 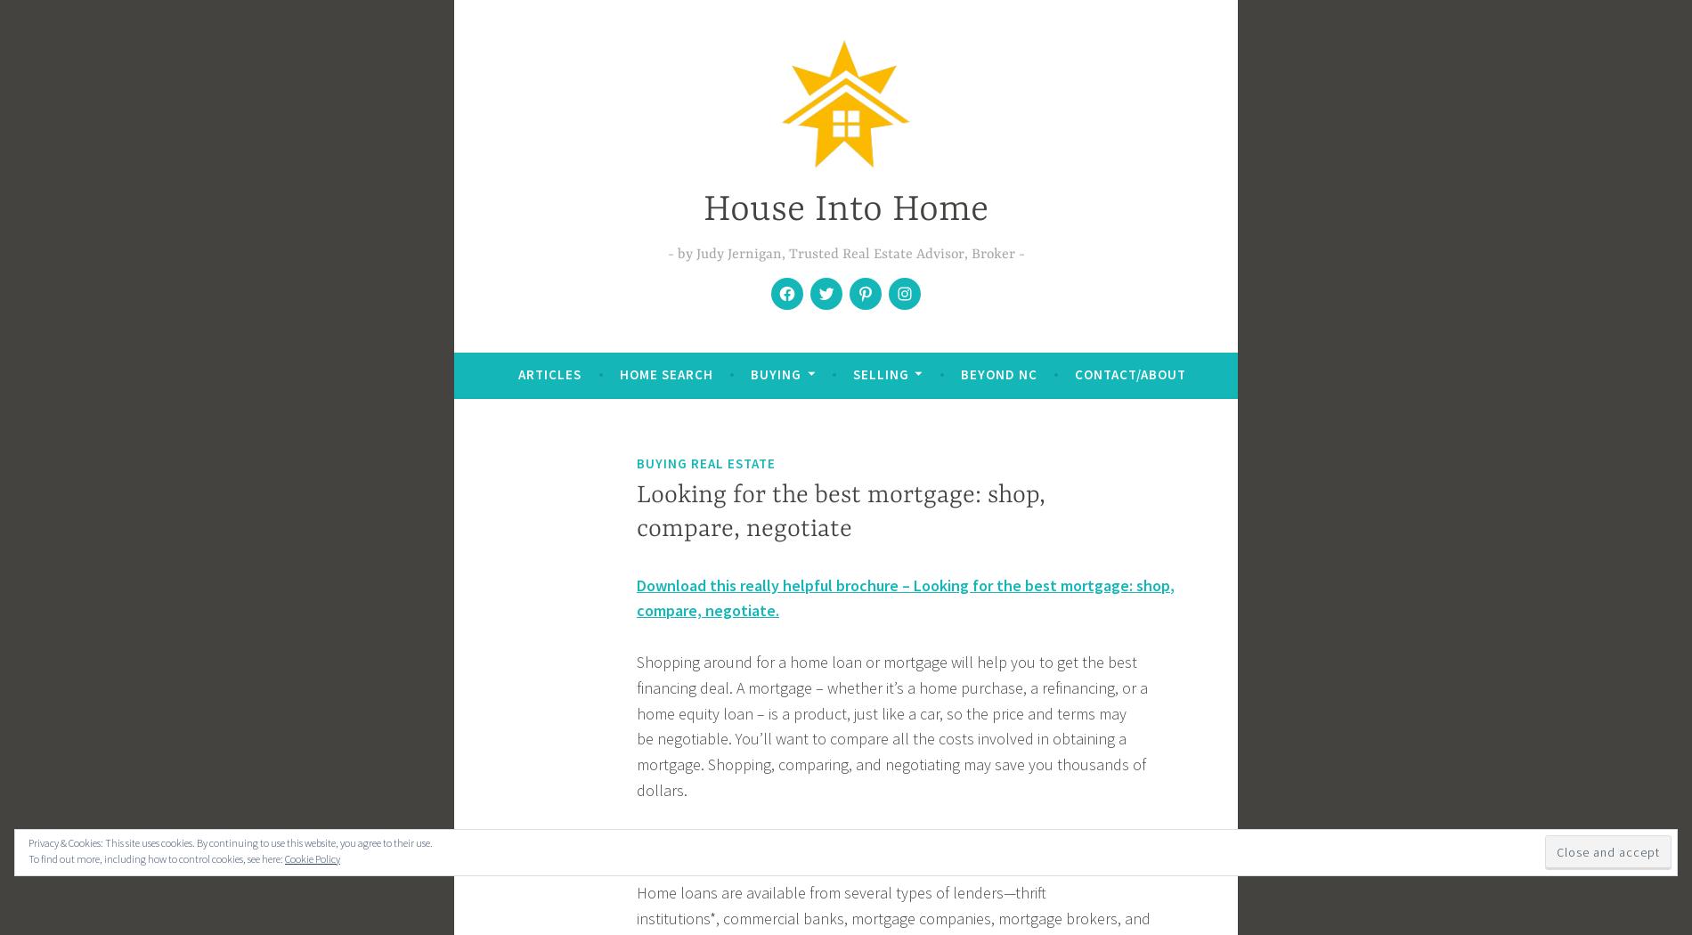 What do you see at coordinates (229, 841) in the screenshot?
I see `'Privacy & Cookies: This site uses cookies. By continuing to use this website, you agree to their use.'` at bounding box center [229, 841].